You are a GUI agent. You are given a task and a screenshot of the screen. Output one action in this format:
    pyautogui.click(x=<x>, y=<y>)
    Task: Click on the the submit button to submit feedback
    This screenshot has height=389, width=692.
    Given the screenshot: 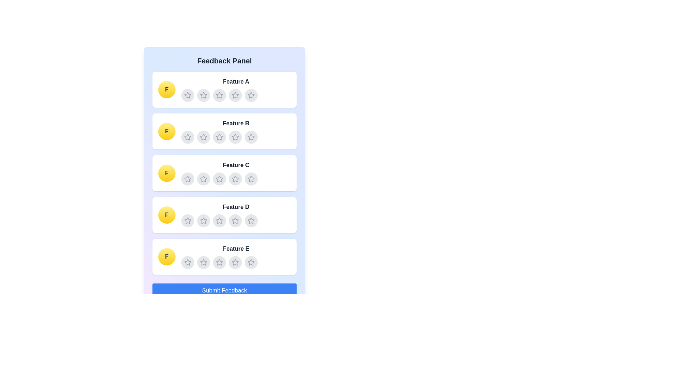 What is the action you would take?
    pyautogui.click(x=224, y=290)
    